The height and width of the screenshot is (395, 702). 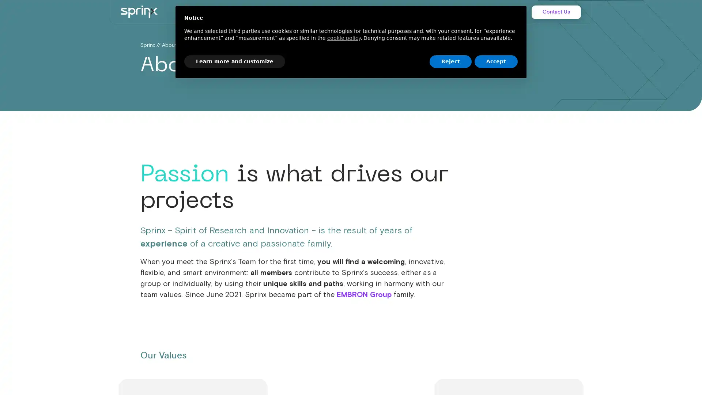 What do you see at coordinates (450, 61) in the screenshot?
I see `Reject` at bounding box center [450, 61].